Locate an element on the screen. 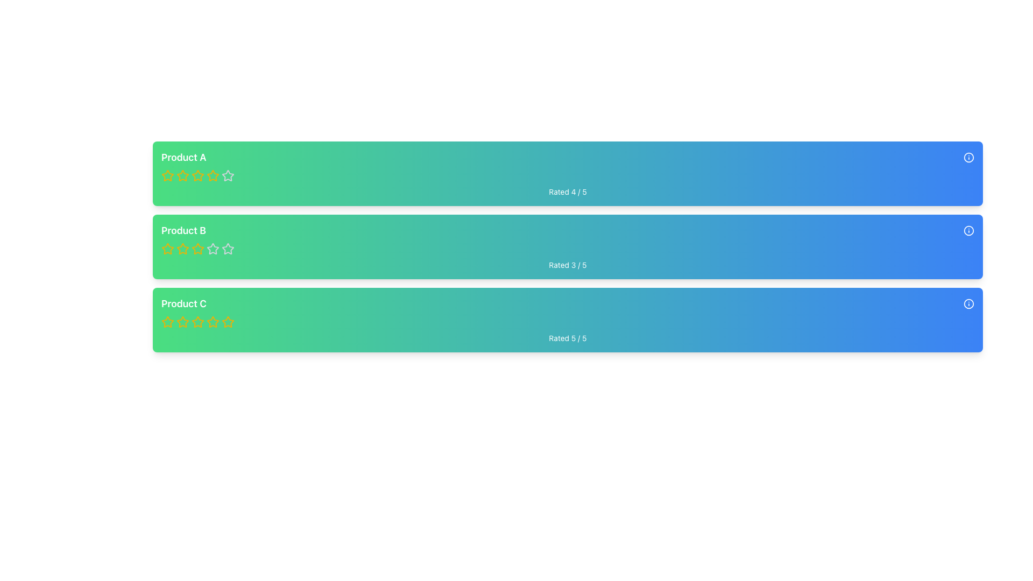 This screenshot has height=581, width=1033. the white circular icon containing the letter 'i' located on the right side of the blue rectangular section labeled 'Product B' is located at coordinates (968, 230).